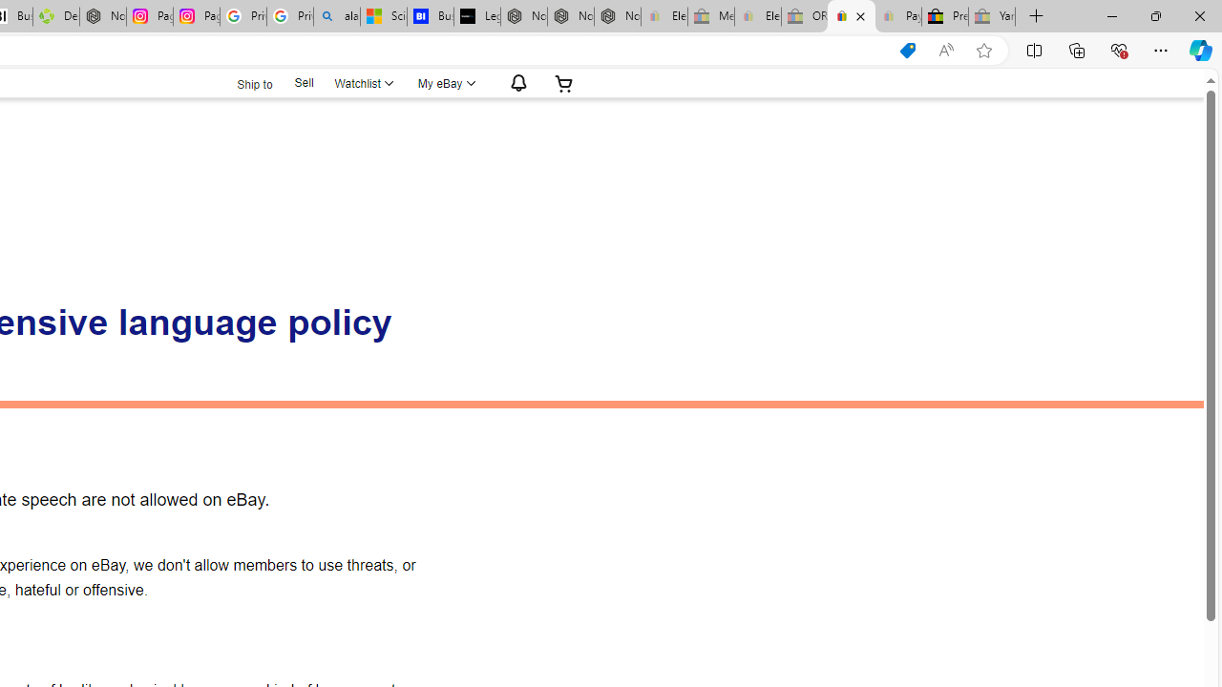 This screenshot has height=687, width=1222. What do you see at coordinates (363, 82) in the screenshot?
I see `'WatchlistExpand Watch List'` at bounding box center [363, 82].